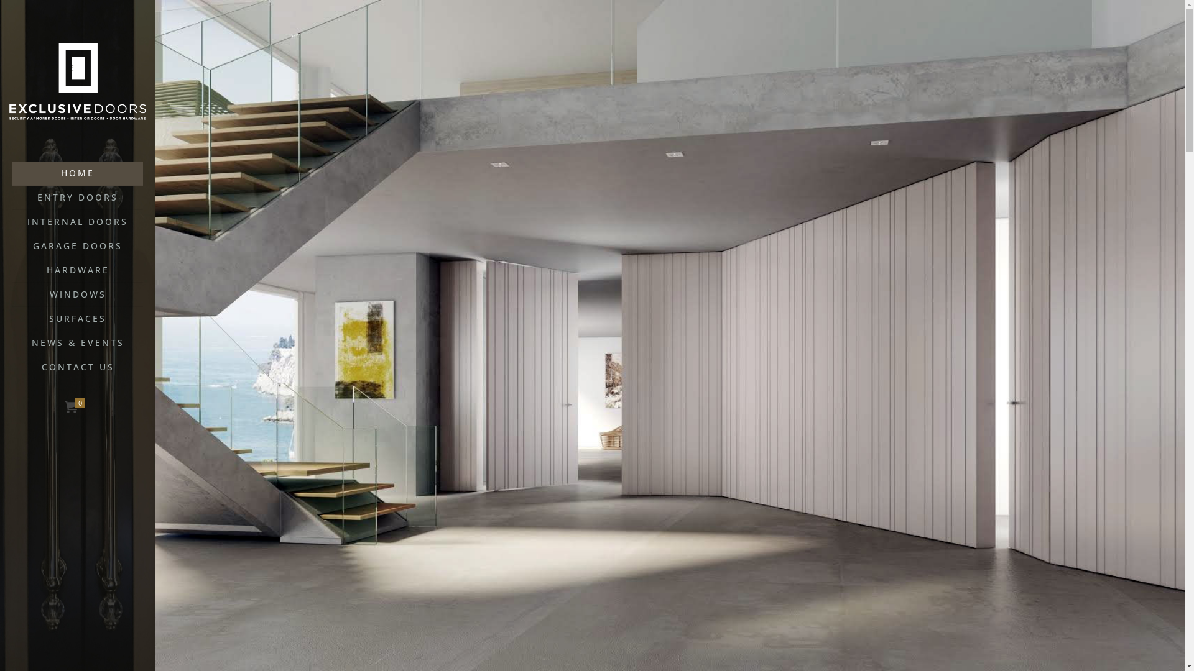 This screenshot has height=671, width=1194. Describe the element at coordinates (76, 294) in the screenshot. I see `'WINDOWS'` at that location.